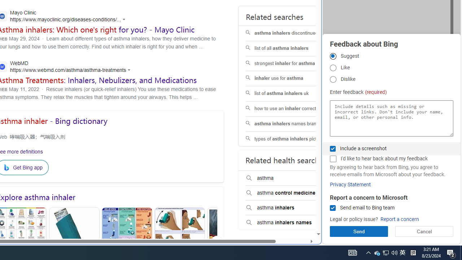 Image resolution: width=462 pixels, height=260 pixels. I want to click on 'asthma inhalers discontinued', so click(291, 33).